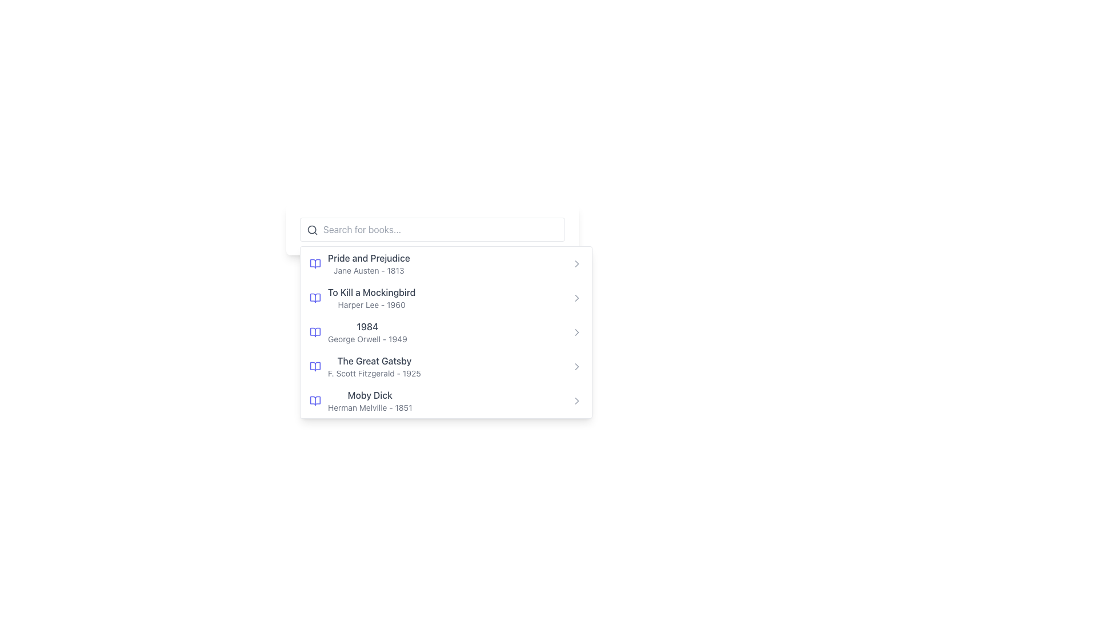 The width and height of the screenshot is (1097, 617). Describe the element at coordinates (367, 326) in the screenshot. I see `the title label for the book '1984' by George Orwell in the vertical list of book titles` at that location.